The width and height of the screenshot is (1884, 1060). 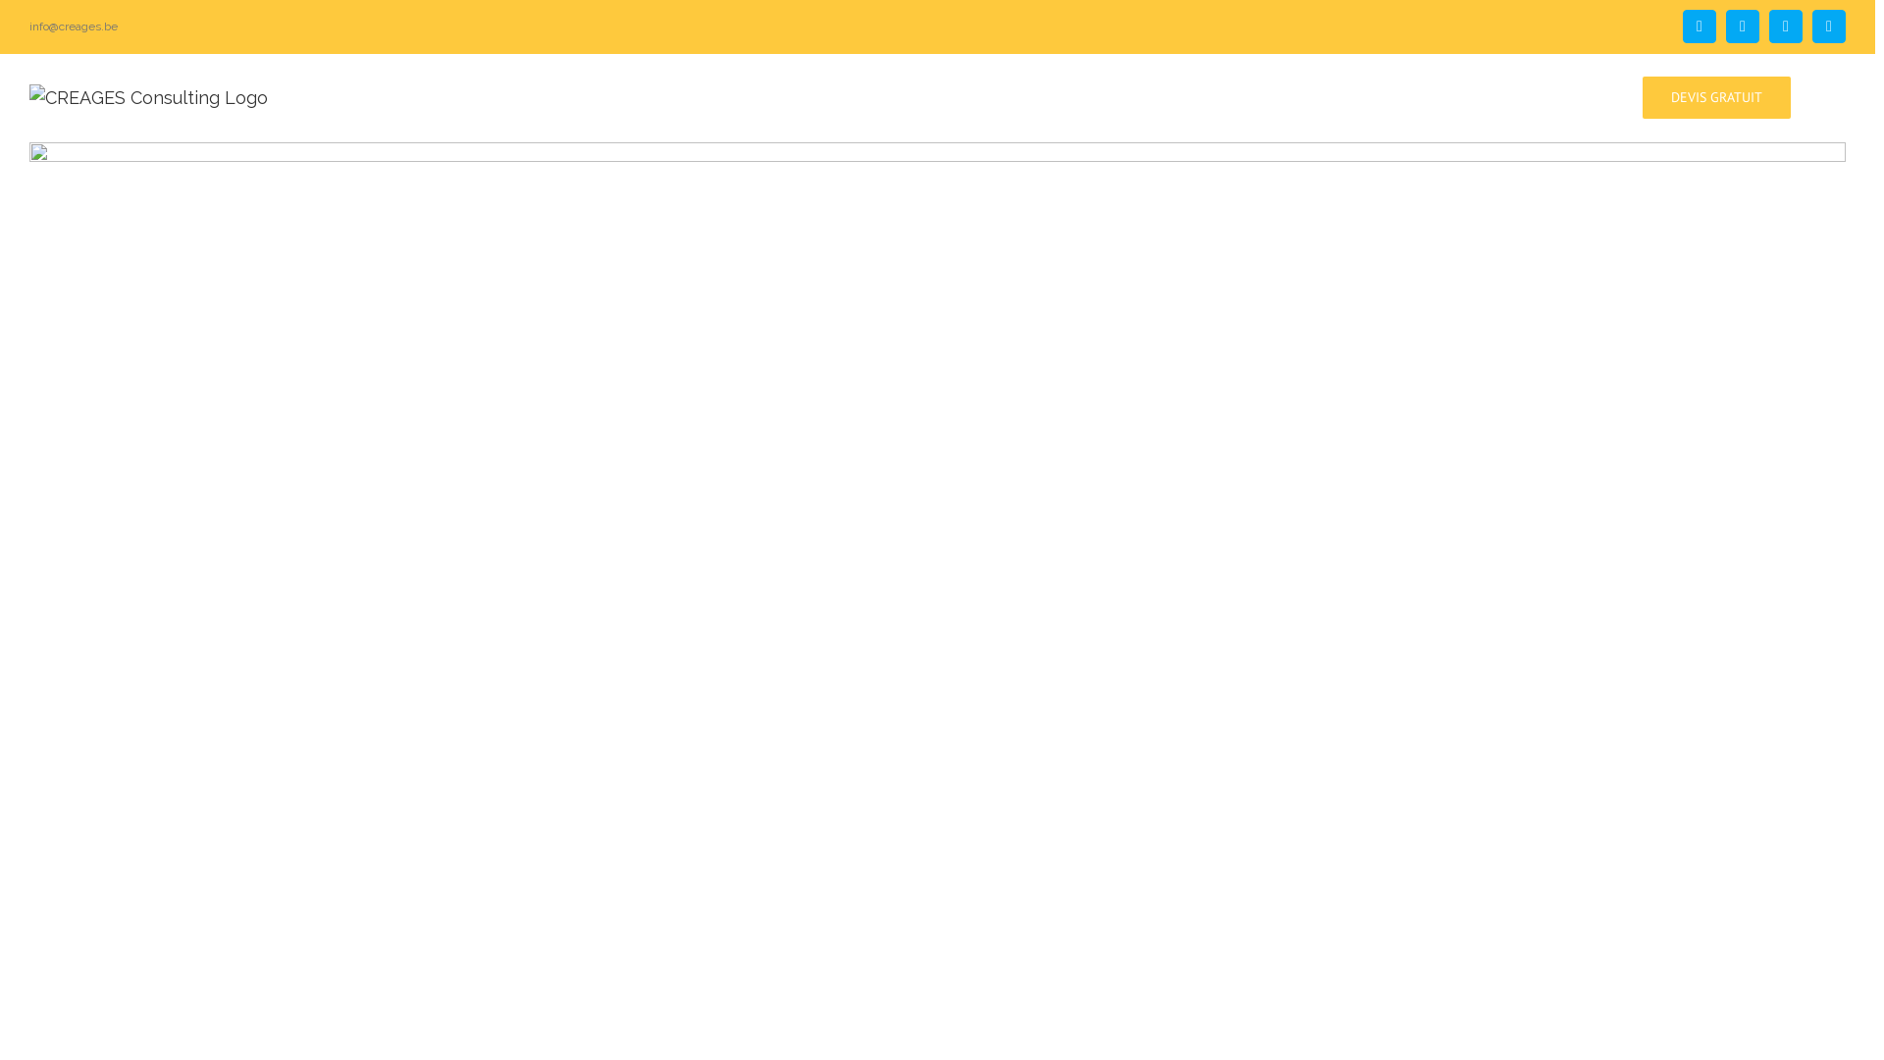 I want to click on 'CONTACT', so click(x=1539, y=95).